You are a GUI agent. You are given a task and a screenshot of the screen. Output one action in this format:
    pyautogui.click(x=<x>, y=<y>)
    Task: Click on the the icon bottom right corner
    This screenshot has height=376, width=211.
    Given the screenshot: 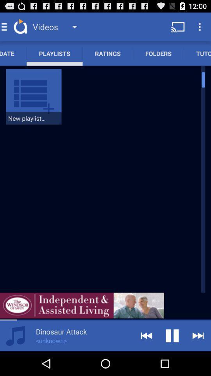 What is the action you would take?
    pyautogui.click(x=198, y=335)
    